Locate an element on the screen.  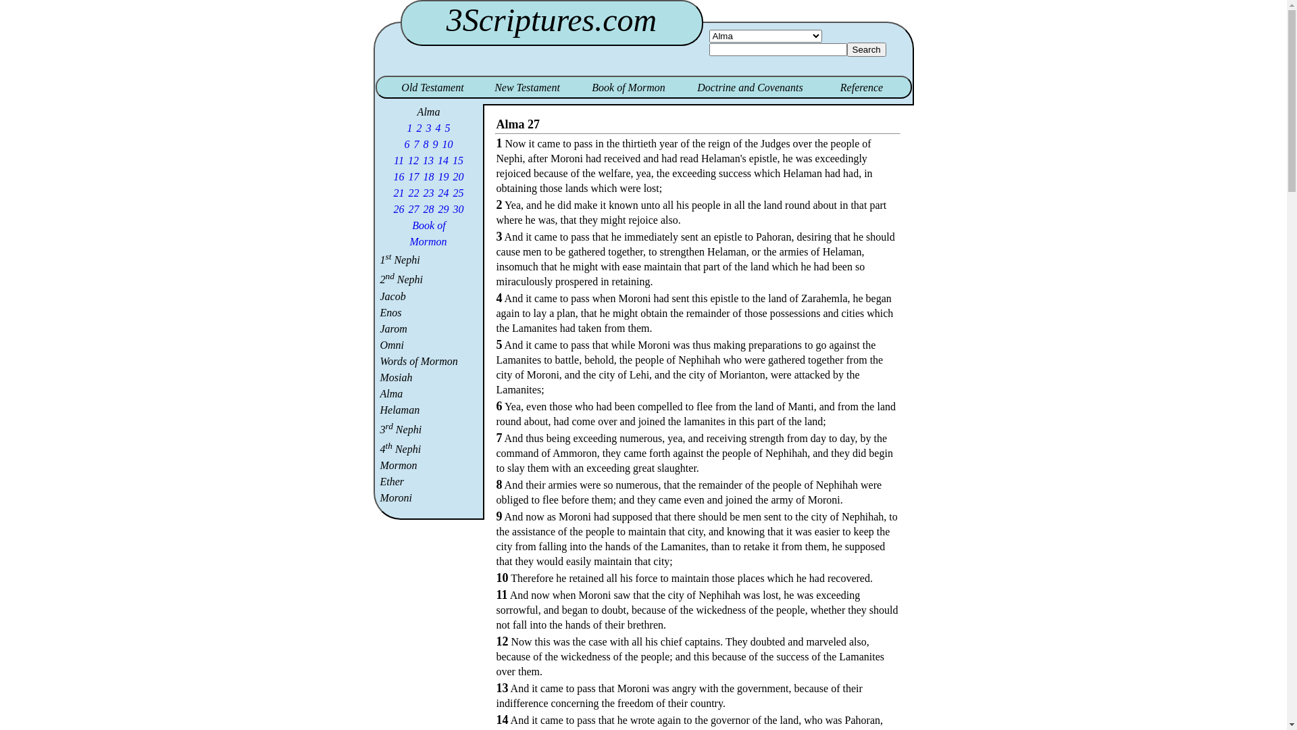
'17' is located at coordinates (407, 176).